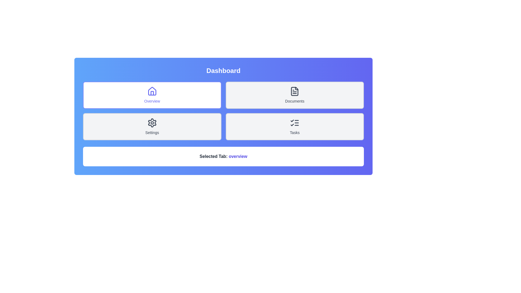  Describe the element at coordinates (294, 91) in the screenshot. I see `the document icon, which is styled as an outline of a page with lines indicating text, located in the second row, first column of the grid layout in the dashboard` at that location.